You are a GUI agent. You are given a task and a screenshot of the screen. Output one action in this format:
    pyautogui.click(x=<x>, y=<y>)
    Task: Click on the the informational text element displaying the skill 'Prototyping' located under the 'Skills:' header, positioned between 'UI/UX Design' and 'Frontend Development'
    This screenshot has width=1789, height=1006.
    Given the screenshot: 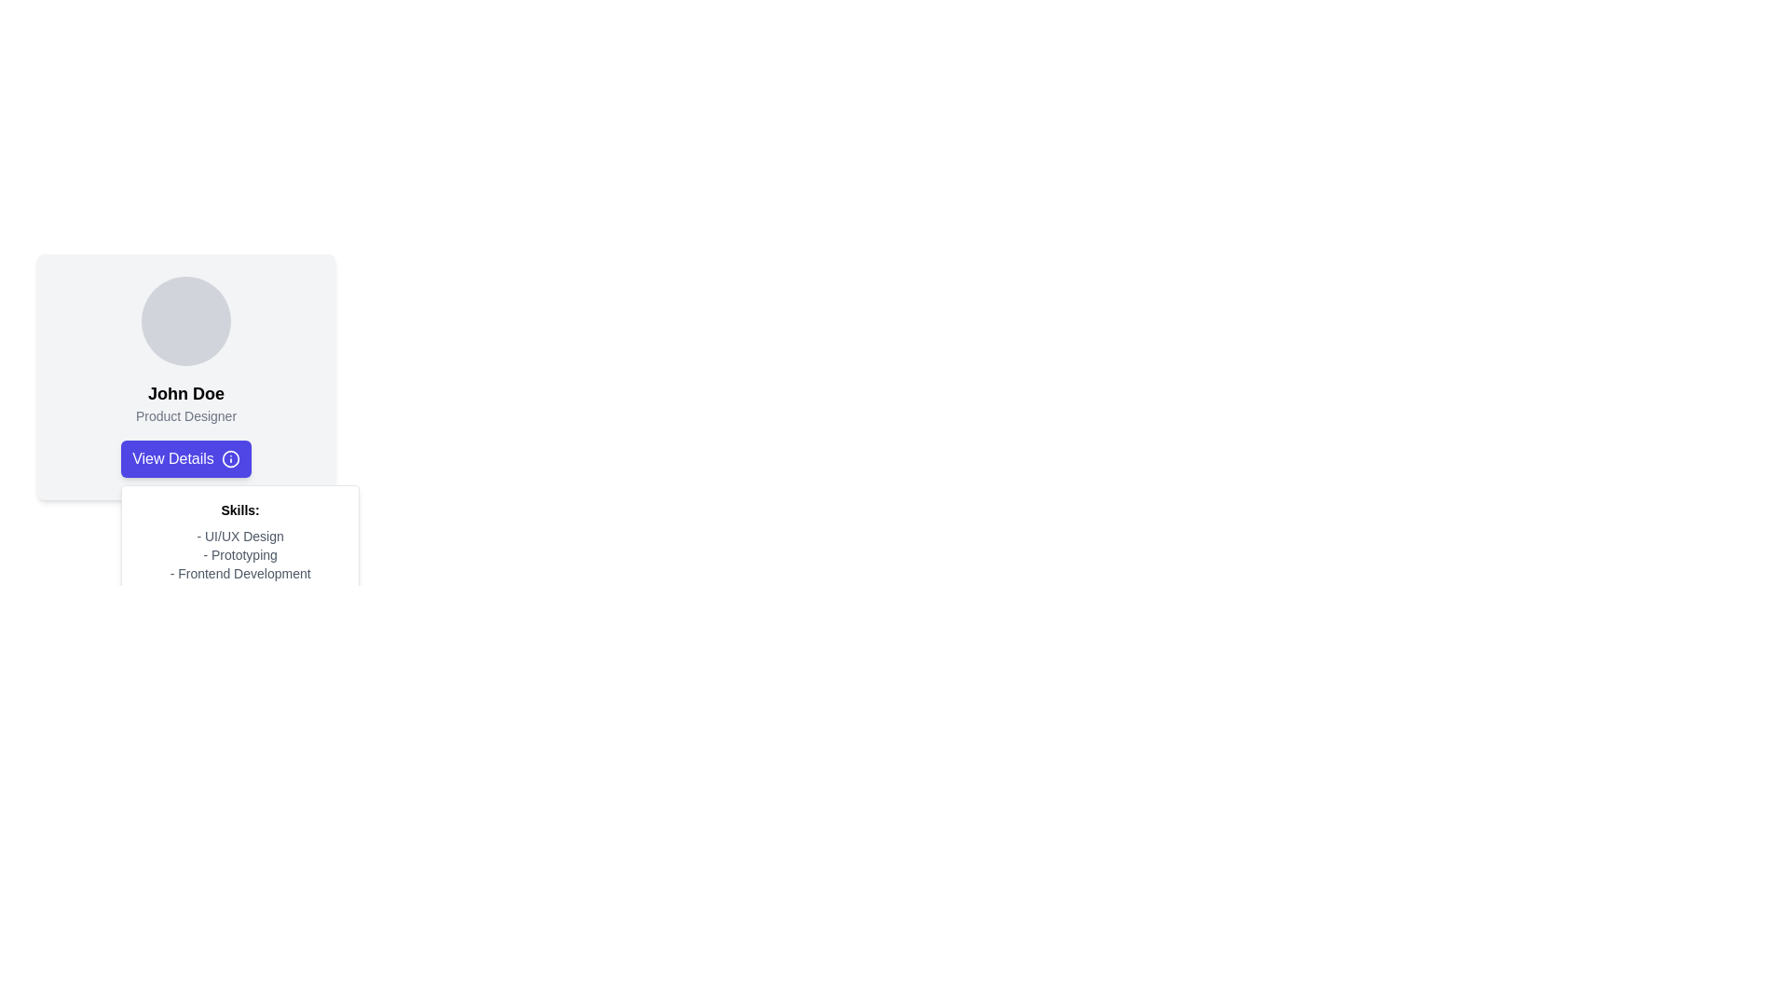 What is the action you would take?
    pyautogui.click(x=239, y=554)
    